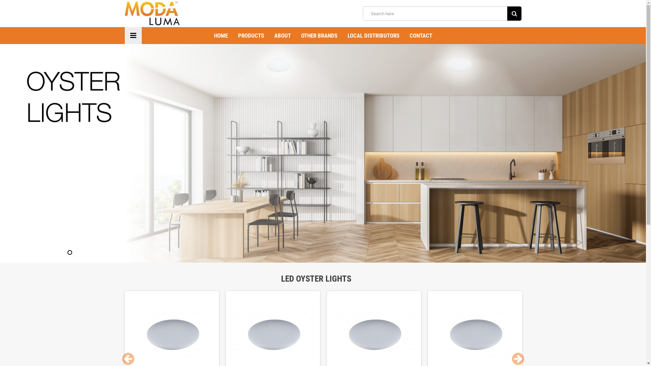 This screenshot has width=651, height=366. Describe the element at coordinates (233, 35) in the screenshot. I see `'PRODUCTS'` at that location.